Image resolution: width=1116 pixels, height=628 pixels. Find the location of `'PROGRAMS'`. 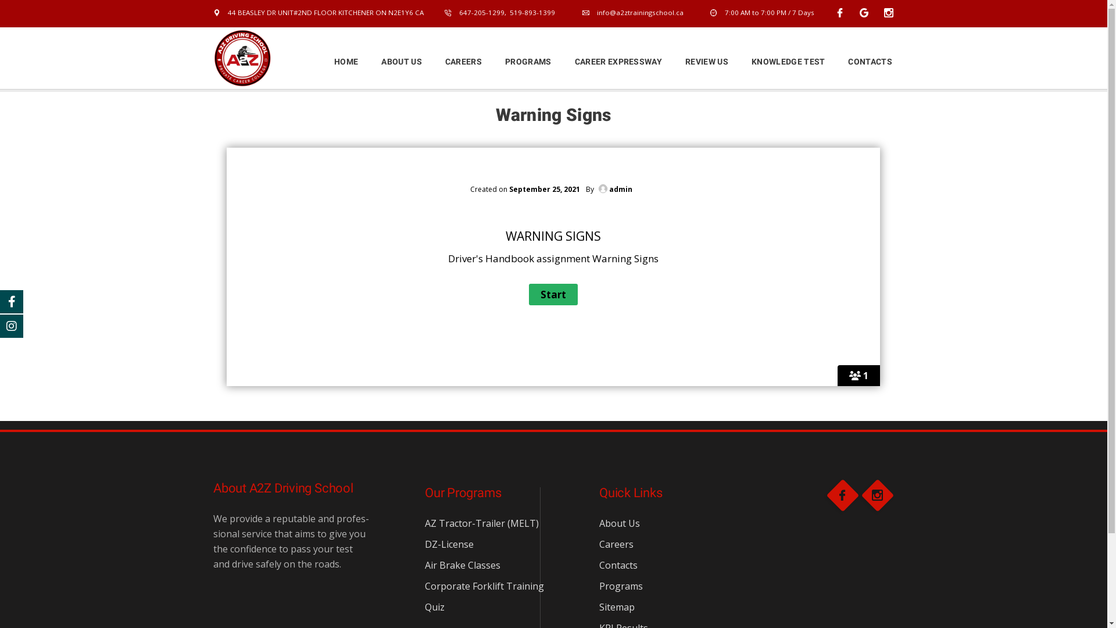

'PROGRAMS' is located at coordinates (527, 61).